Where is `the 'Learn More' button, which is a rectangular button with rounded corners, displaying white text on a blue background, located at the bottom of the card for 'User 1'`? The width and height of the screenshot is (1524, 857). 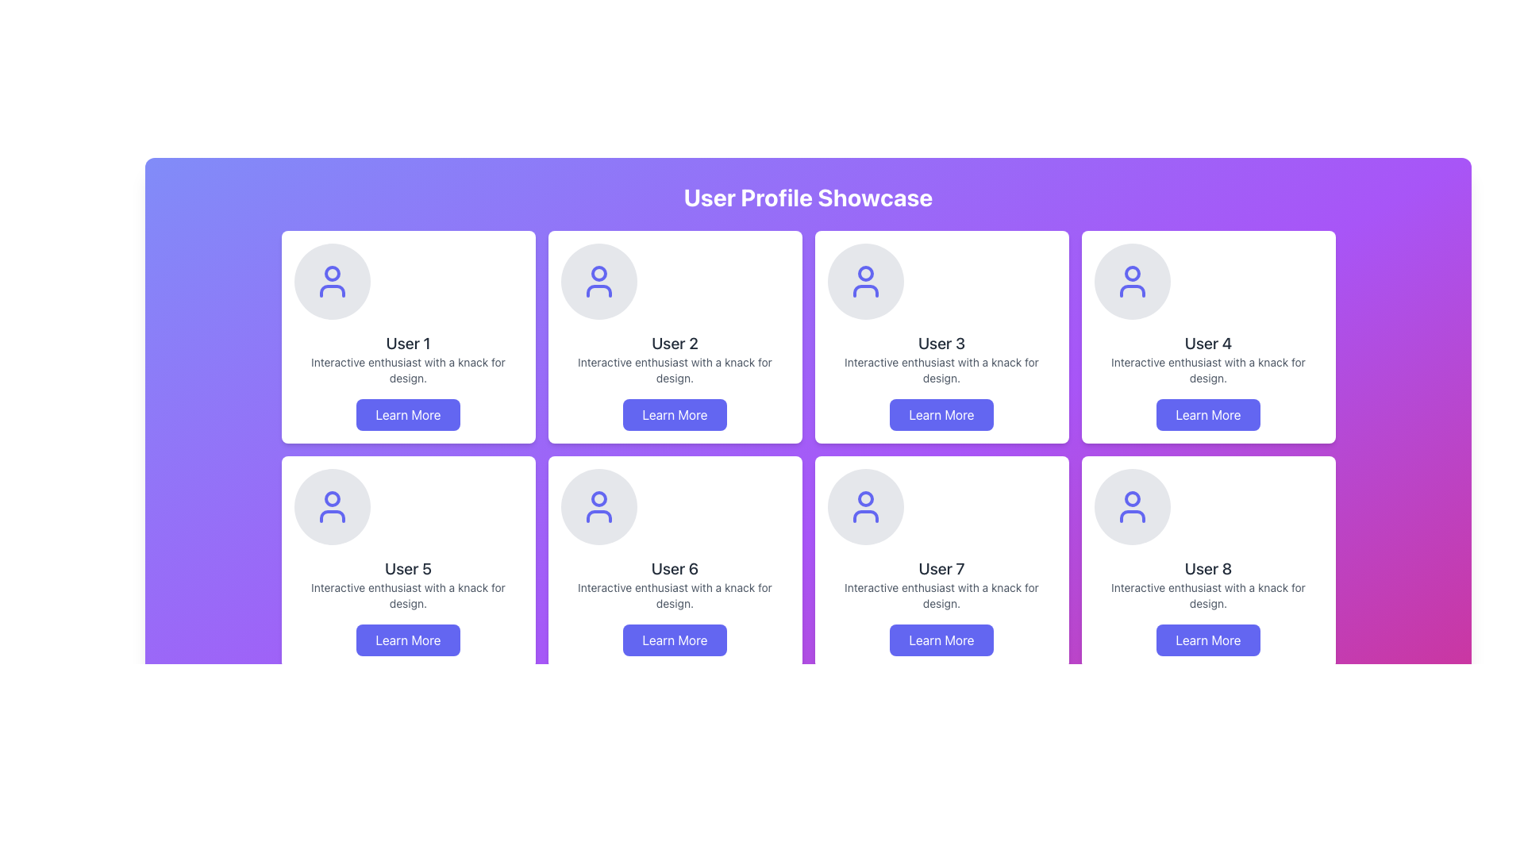 the 'Learn More' button, which is a rectangular button with rounded corners, displaying white text on a blue background, located at the bottom of the card for 'User 1' is located at coordinates (408, 414).